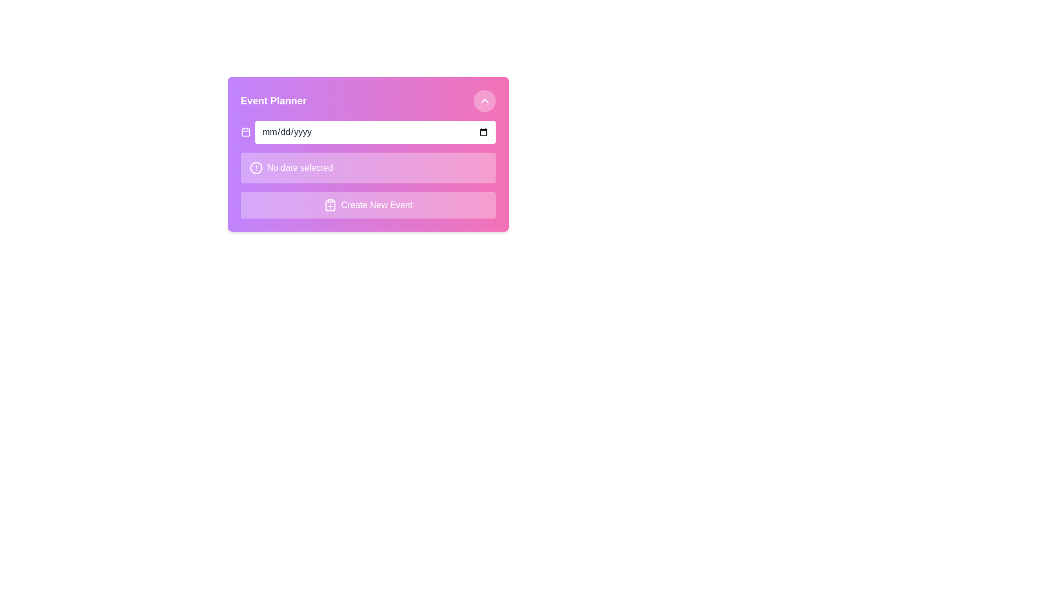 The width and height of the screenshot is (1054, 593). What do you see at coordinates (329, 205) in the screenshot?
I see `the decorative icon representing the creation of a new entry, located to the left of the 'Create New Event' label in the bottom section of the event form` at bounding box center [329, 205].